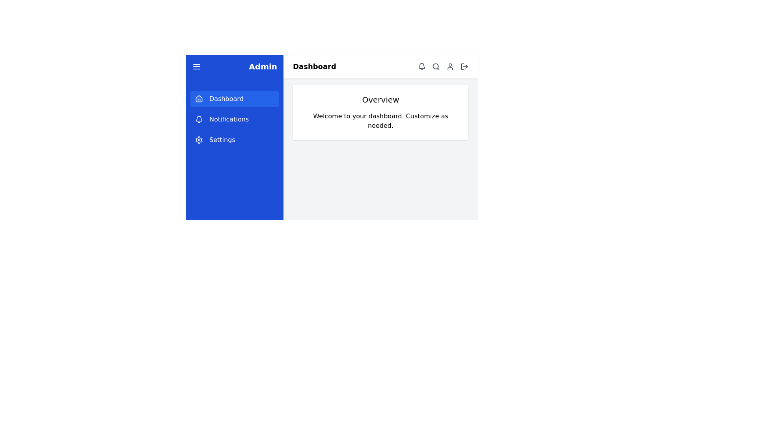 The image size is (757, 426). What do you see at coordinates (435, 66) in the screenshot?
I see `the search icon located in the top-right corner of the toolbar` at bounding box center [435, 66].